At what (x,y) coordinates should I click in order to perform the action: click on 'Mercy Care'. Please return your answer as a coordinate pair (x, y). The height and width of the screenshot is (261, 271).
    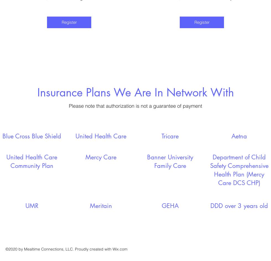
    Looking at the image, I should click on (101, 157).